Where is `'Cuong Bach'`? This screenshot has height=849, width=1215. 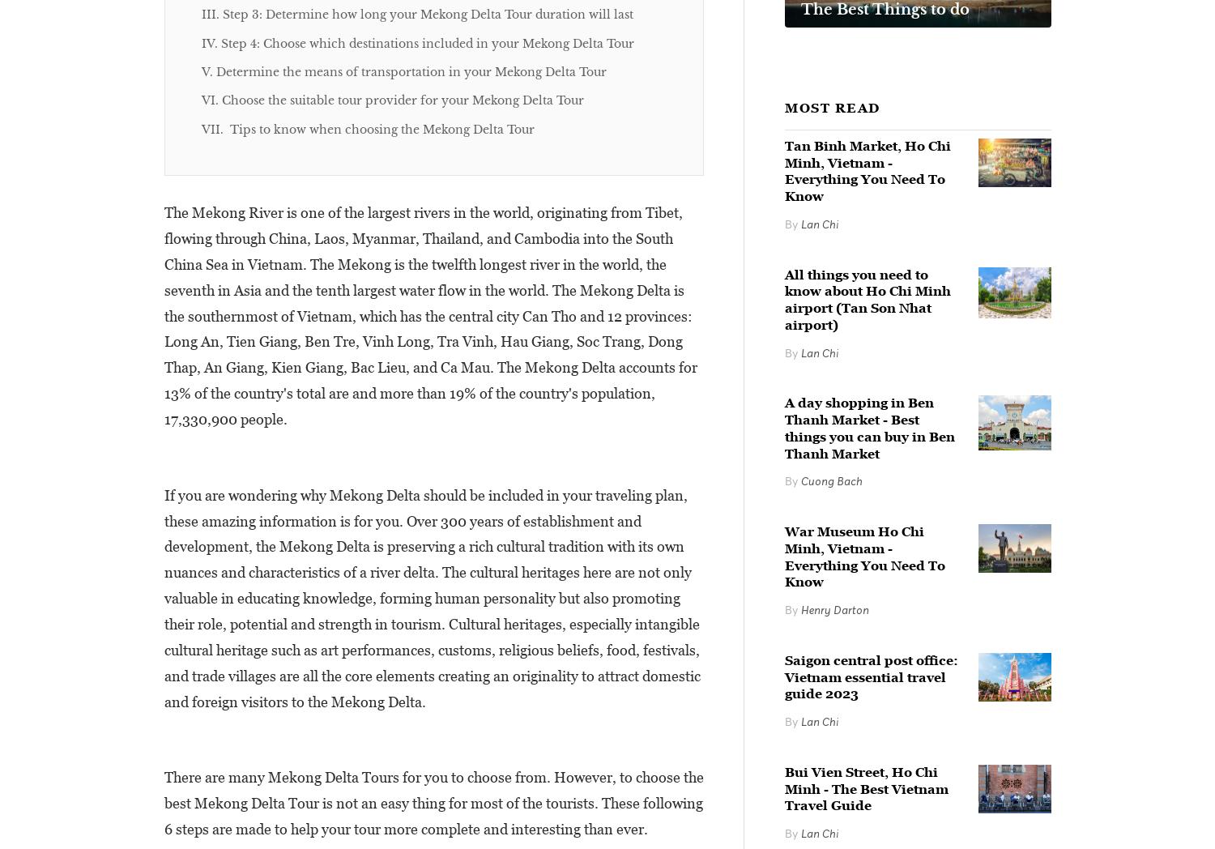
'Cuong Bach' is located at coordinates (832, 480).